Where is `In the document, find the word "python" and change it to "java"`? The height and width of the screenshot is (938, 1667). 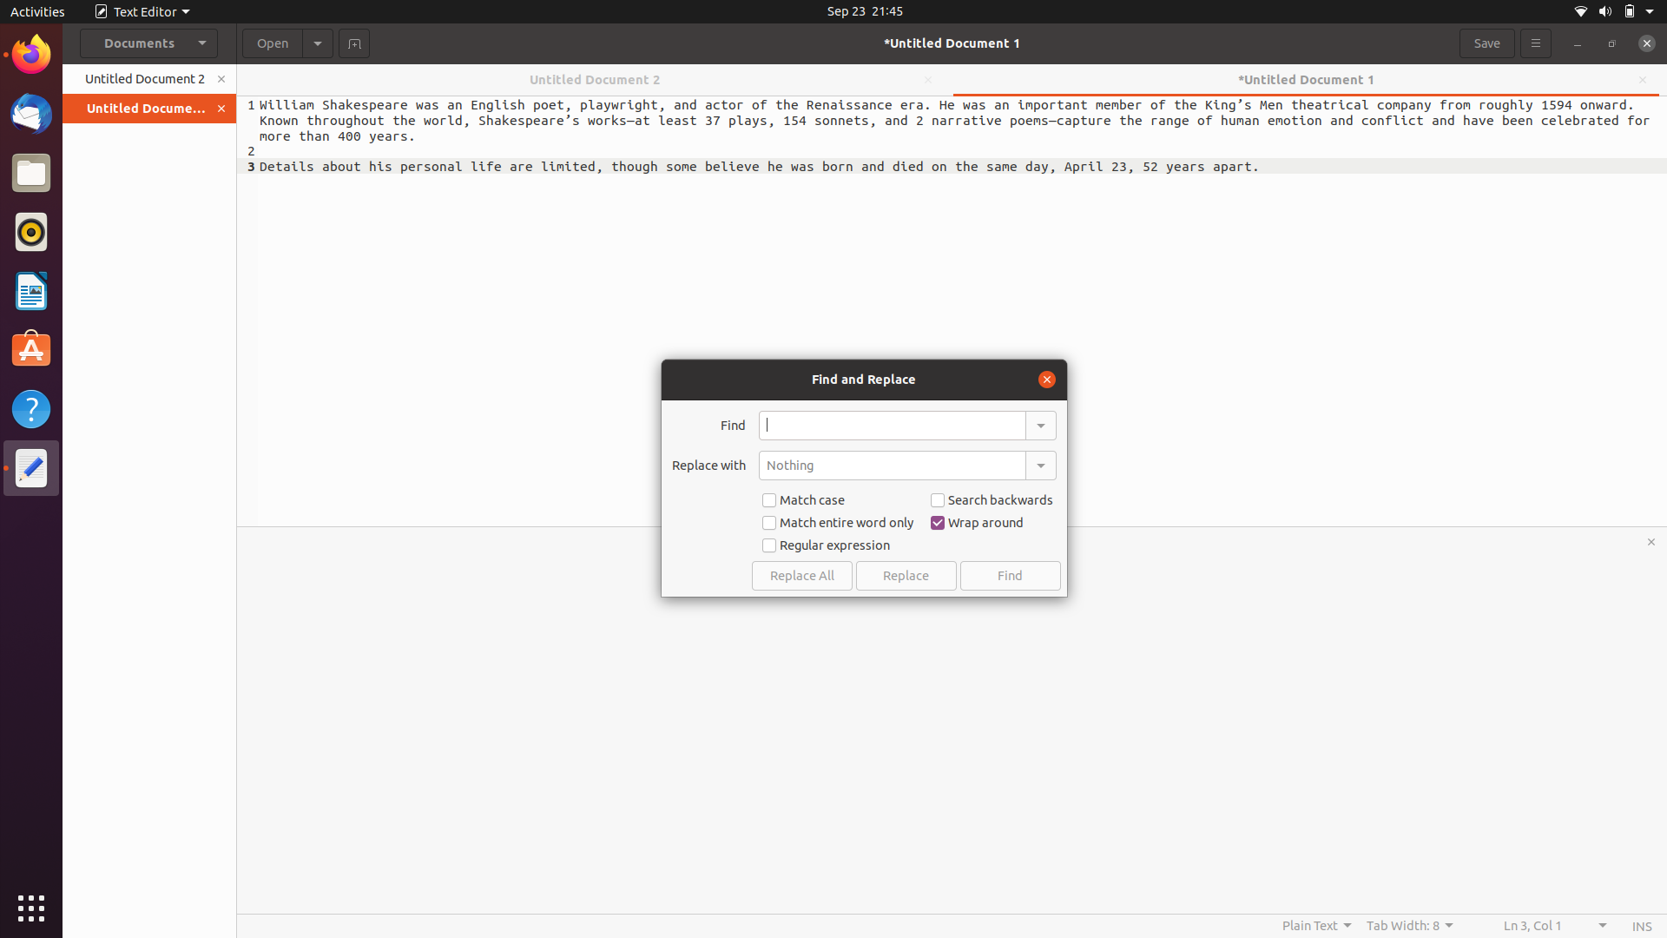
In the document, find the word "python" and change it to "java" is located at coordinates (892, 425).